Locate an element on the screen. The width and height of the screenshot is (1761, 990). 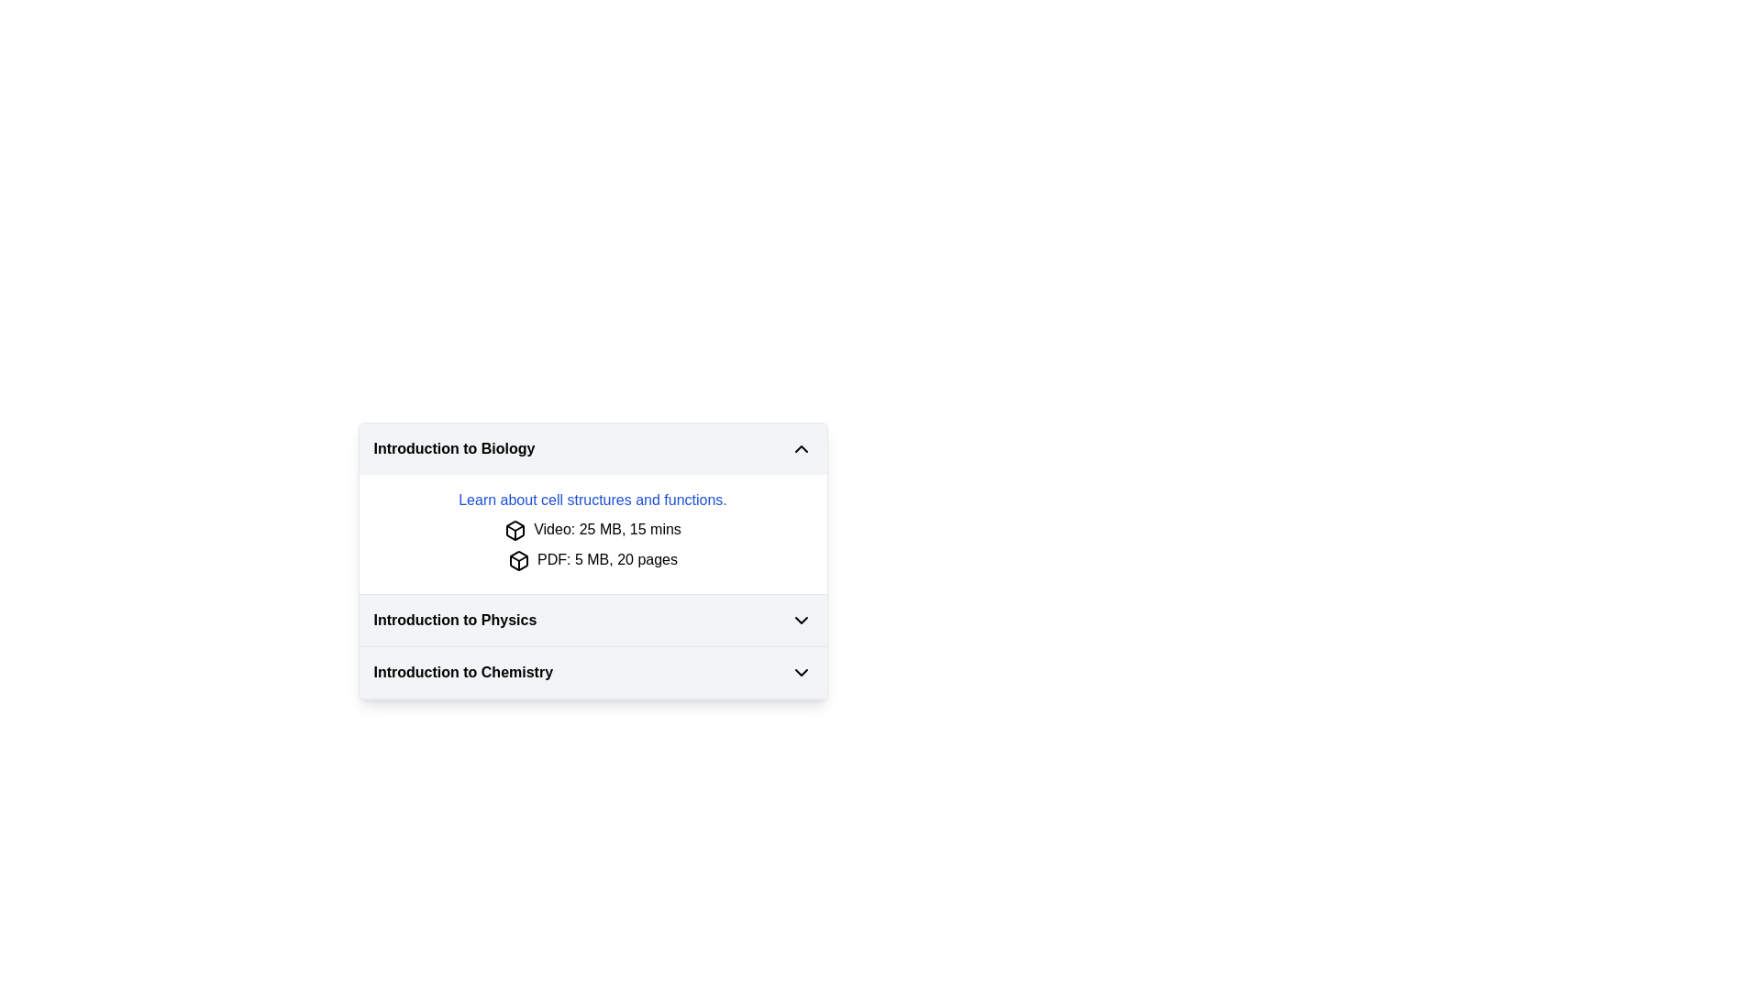
the upward-facing black chevron icon toggle button located to the far right of the 'Introduction to Biology' section header is located at coordinates (801, 448).